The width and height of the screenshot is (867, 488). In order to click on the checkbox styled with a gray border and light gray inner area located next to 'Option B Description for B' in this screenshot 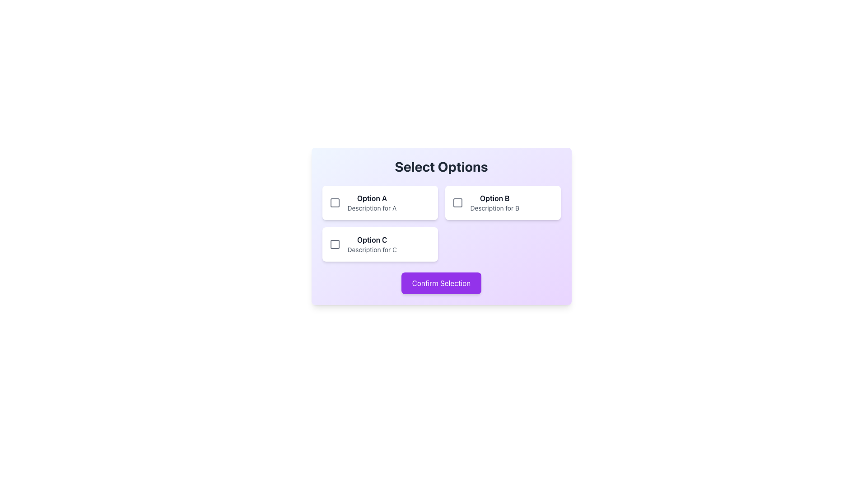, I will do `click(457, 202)`.